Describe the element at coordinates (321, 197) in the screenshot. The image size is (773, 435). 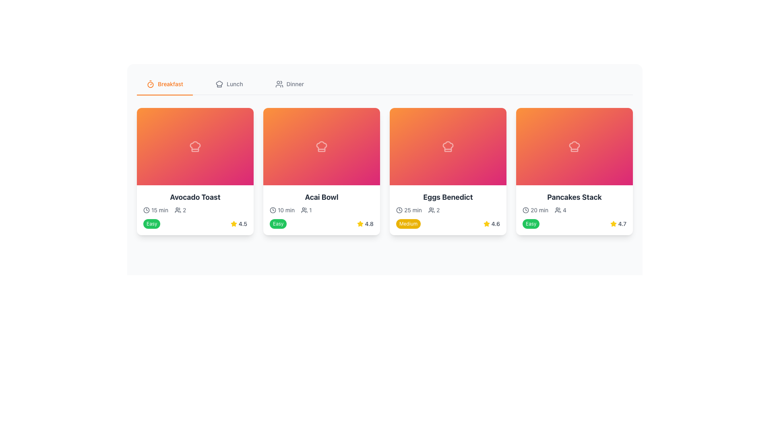
I see `the 'Acai Bowl' text label located at the top of the description section of the card, which is in the second slot of a horizontally arranged list, directly below the orange gradient chef's hat icon` at that location.